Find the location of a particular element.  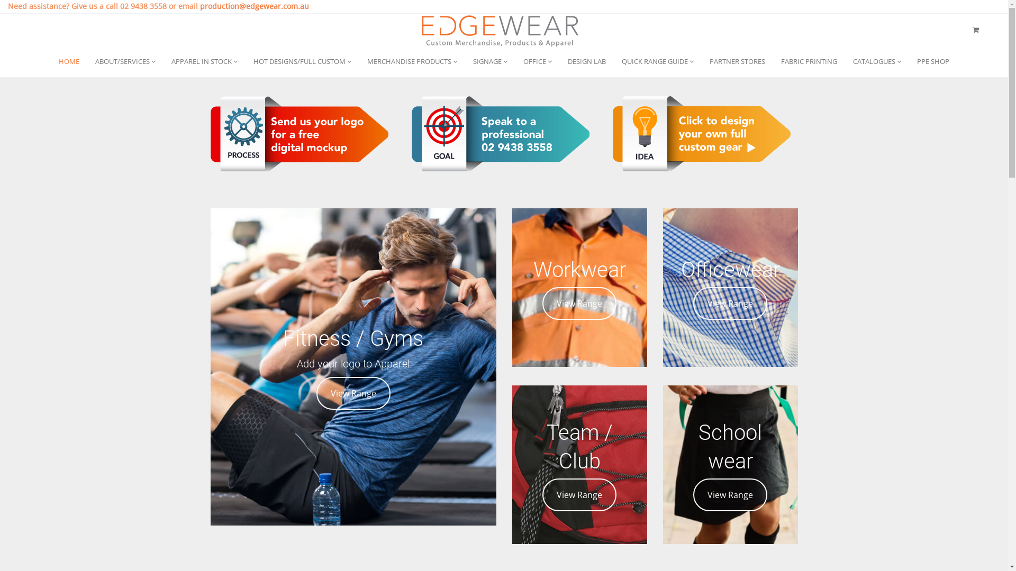

'OFFICE' is located at coordinates (538, 61).